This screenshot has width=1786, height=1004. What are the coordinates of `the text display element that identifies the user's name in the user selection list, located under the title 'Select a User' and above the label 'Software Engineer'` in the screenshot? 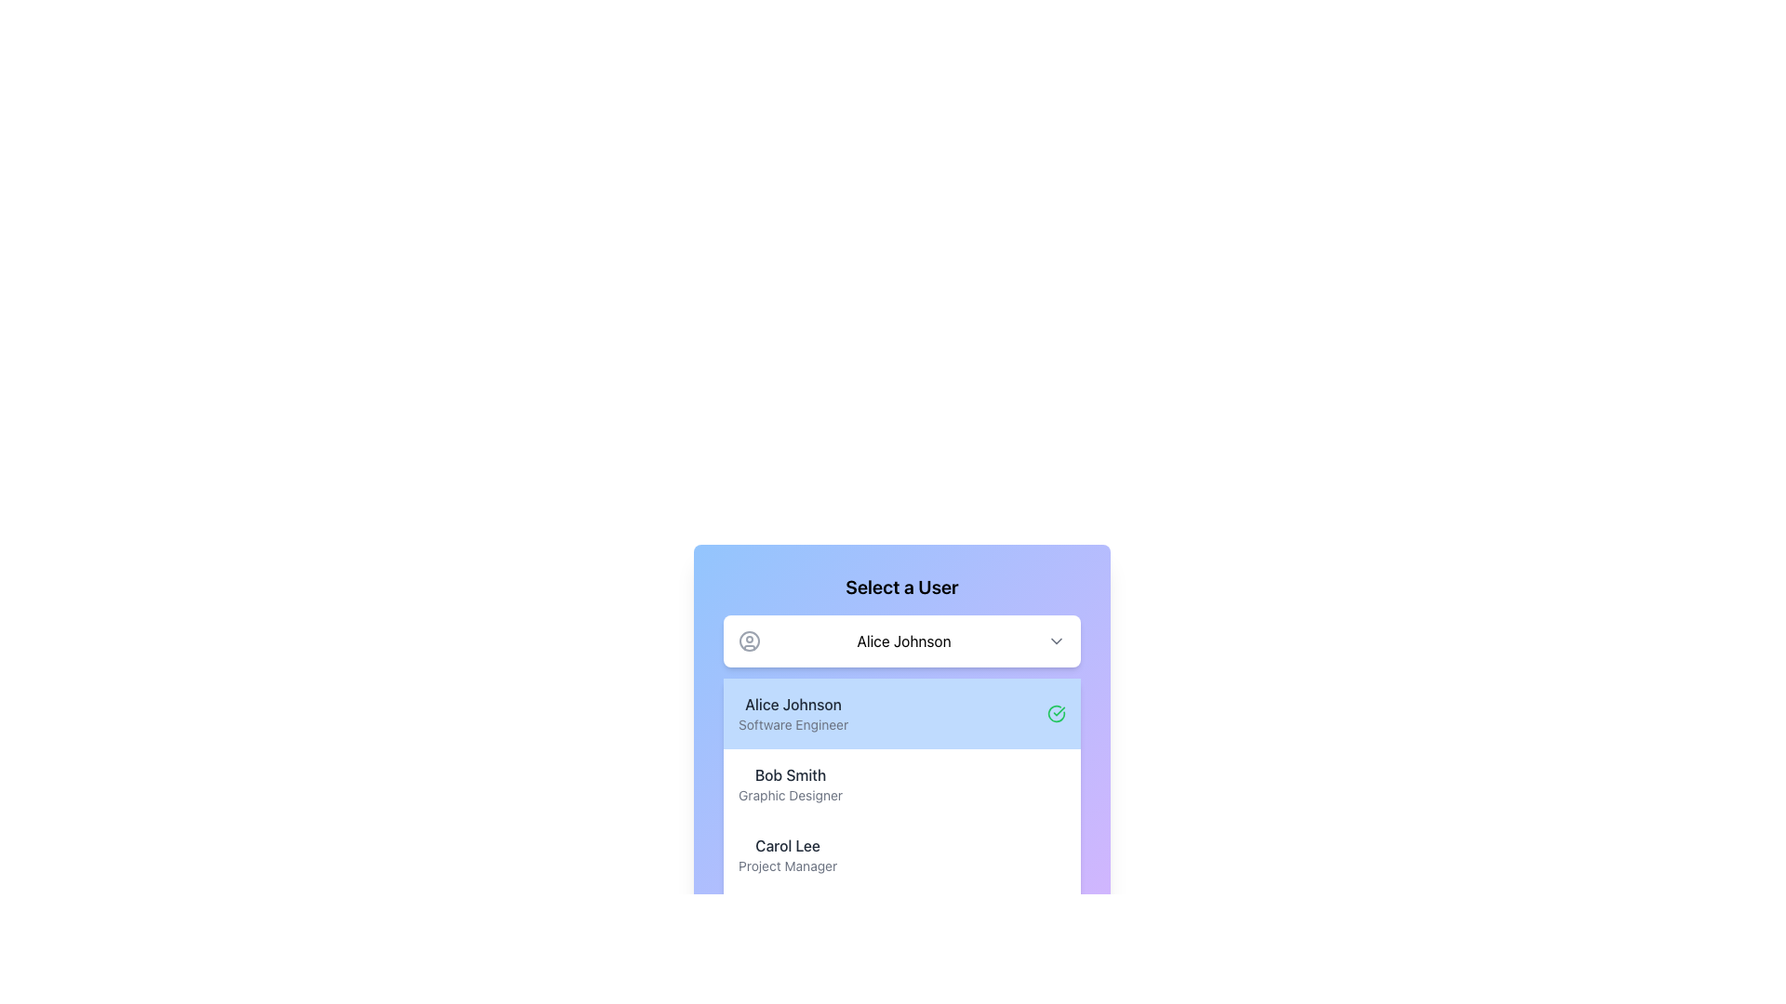 It's located at (793, 705).